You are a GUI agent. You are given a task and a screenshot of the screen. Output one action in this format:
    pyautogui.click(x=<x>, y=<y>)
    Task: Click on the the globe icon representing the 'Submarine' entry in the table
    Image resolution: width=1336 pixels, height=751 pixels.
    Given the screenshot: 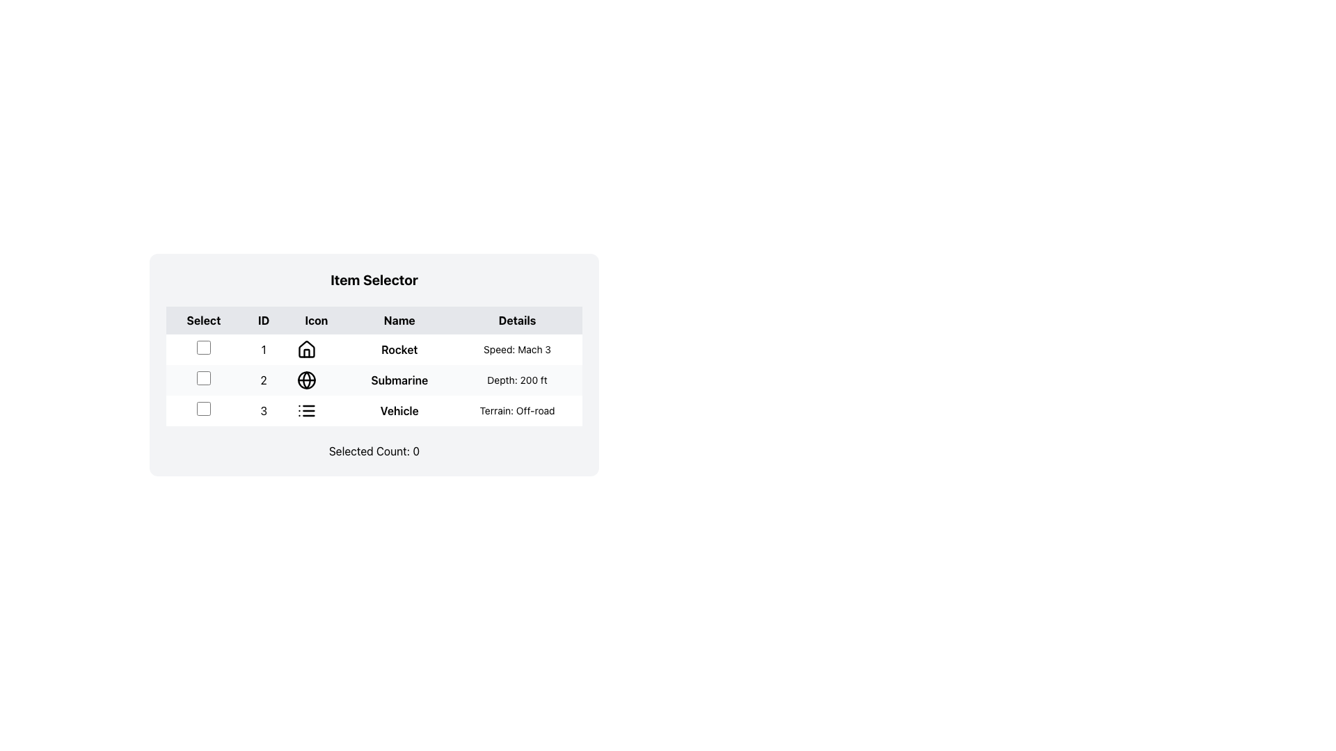 What is the action you would take?
    pyautogui.click(x=306, y=380)
    